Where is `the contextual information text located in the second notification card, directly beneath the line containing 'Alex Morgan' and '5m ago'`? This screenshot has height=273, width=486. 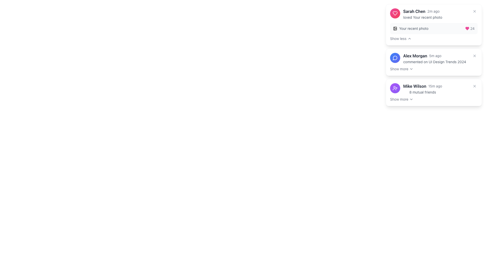 the contextual information text located in the second notification card, directly beneath the line containing 'Alex Morgan' and '5m ago' is located at coordinates (434, 62).